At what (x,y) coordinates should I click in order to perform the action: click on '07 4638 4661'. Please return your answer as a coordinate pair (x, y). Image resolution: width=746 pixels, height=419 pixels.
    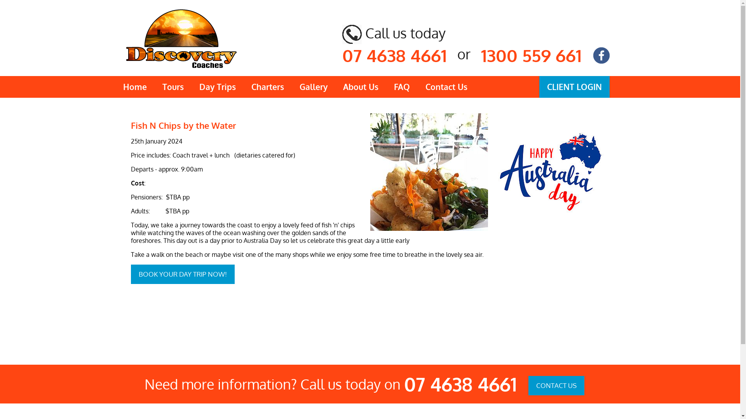
    Looking at the image, I should click on (404, 384).